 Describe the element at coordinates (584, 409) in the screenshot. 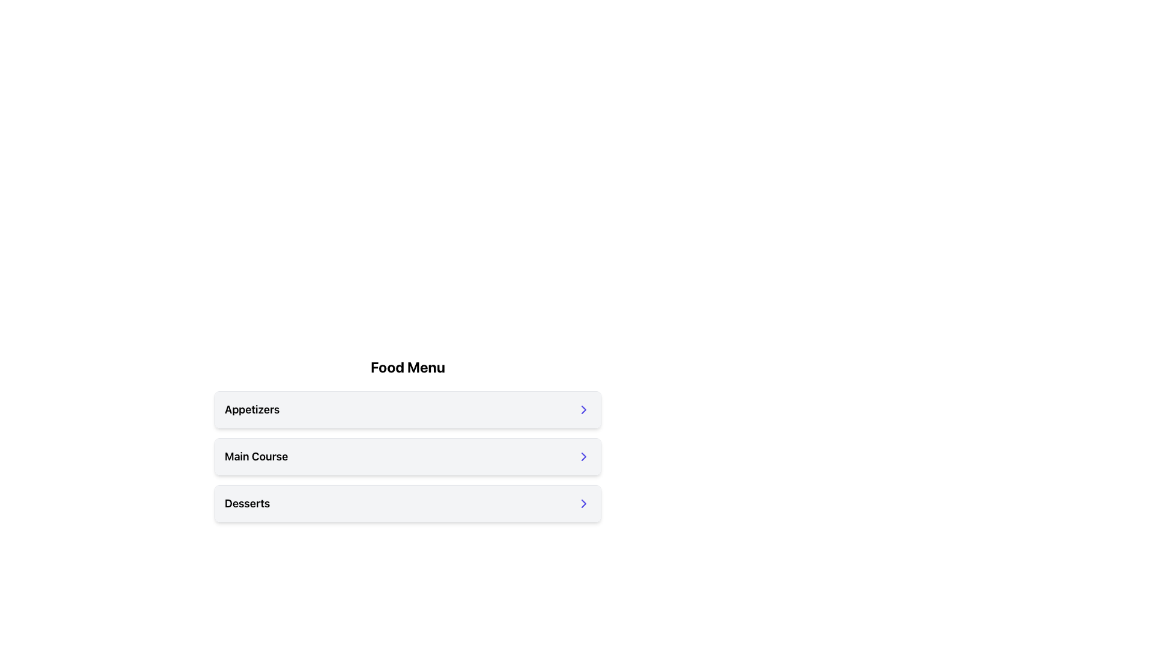

I see `the icon adjacent to the 'Appetizers' label` at that location.